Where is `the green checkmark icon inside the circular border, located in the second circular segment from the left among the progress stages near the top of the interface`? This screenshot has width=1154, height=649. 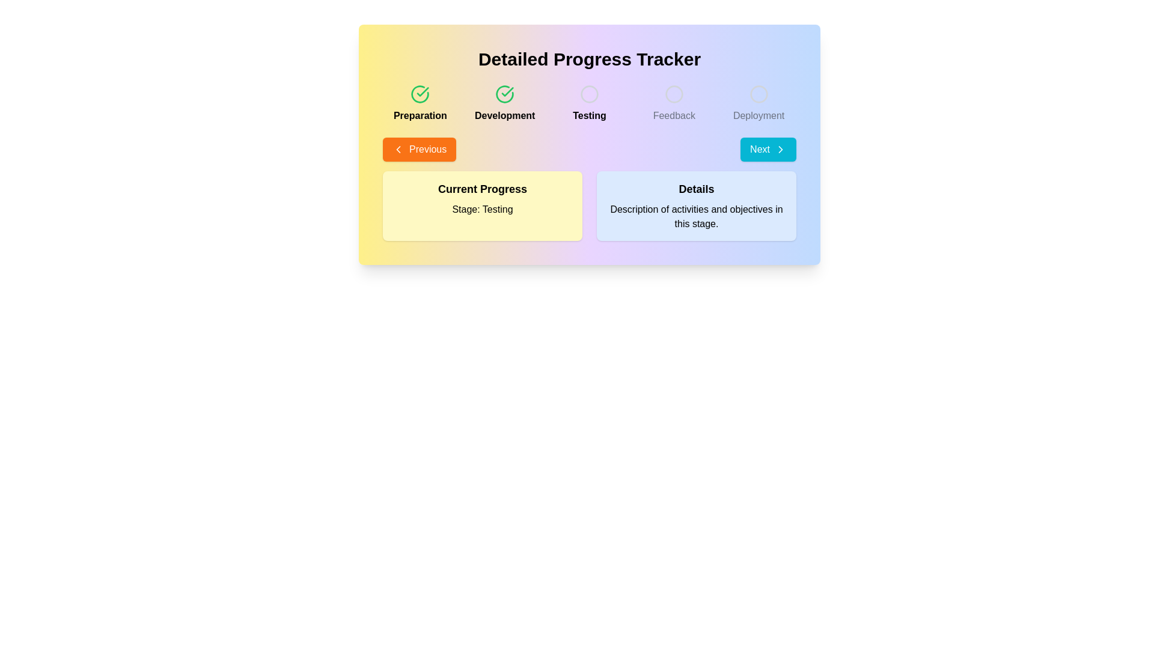 the green checkmark icon inside the circular border, located in the second circular segment from the left among the progress stages near the top of the interface is located at coordinates (505, 94).